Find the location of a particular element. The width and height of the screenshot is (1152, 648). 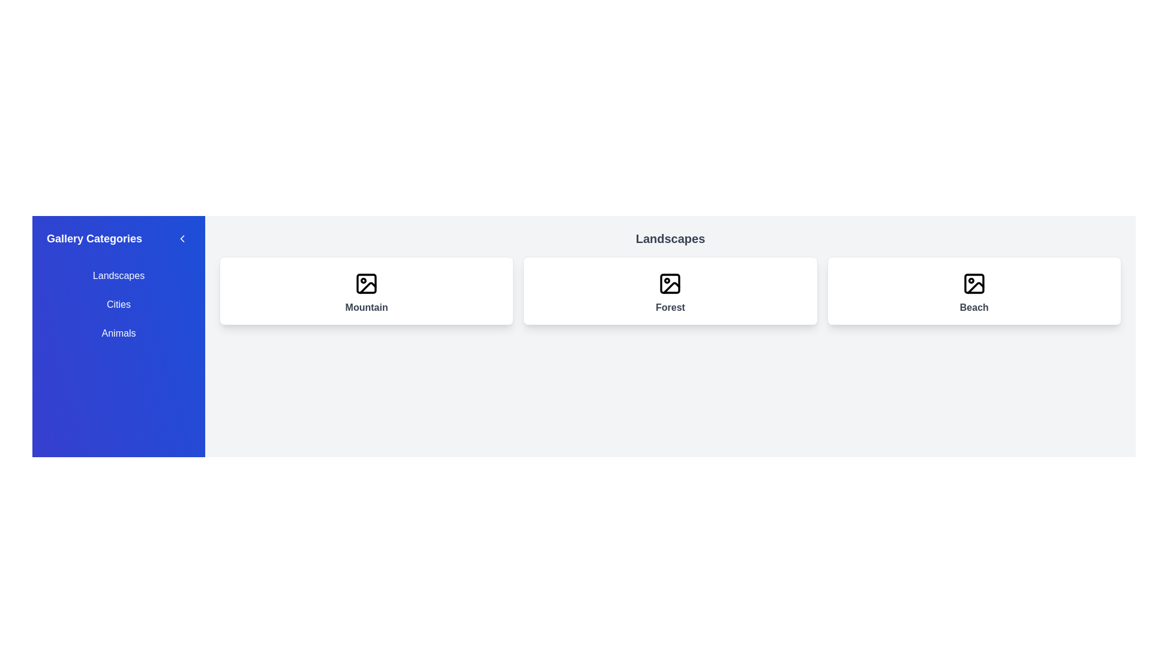

the SVG icon styled as an image symbol within the card labeled 'Mountain', which features a rounded rectangle frame and a circle with a diagonal strikethrough resembling a mountain is located at coordinates (366, 284).